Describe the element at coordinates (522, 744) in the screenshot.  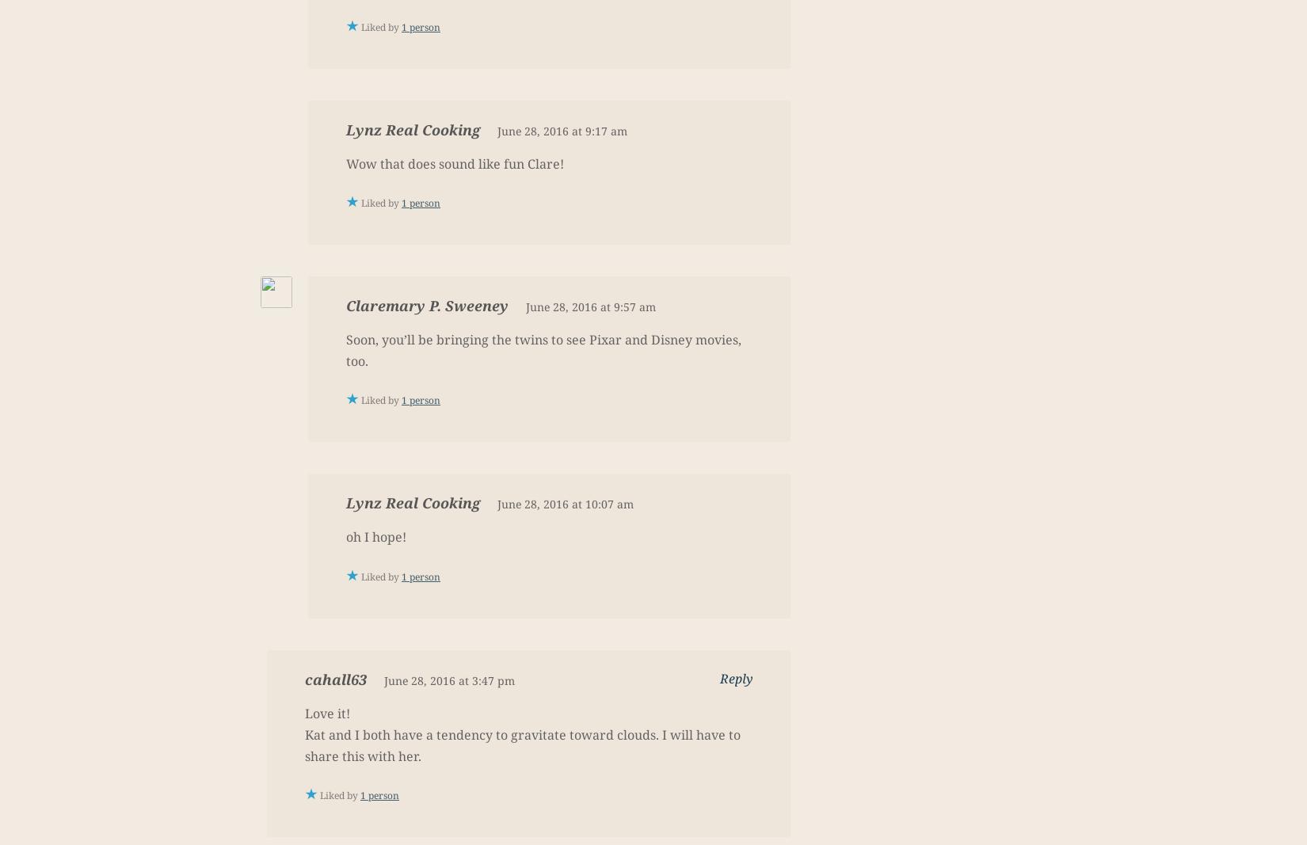
I see `'Kat and I both have a tendency to gravitate toward clouds. I will have to share this with her.'` at that location.